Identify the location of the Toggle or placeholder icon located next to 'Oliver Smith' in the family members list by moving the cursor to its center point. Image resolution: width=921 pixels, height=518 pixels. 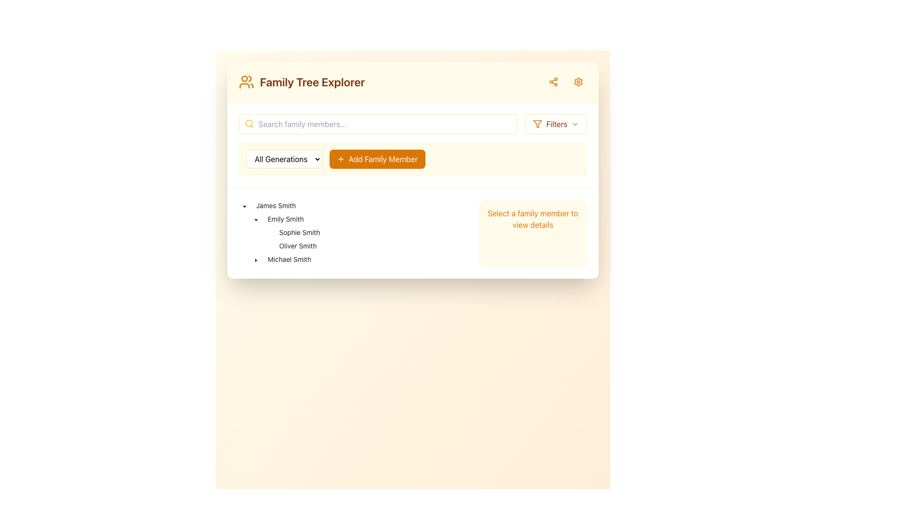
(267, 246).